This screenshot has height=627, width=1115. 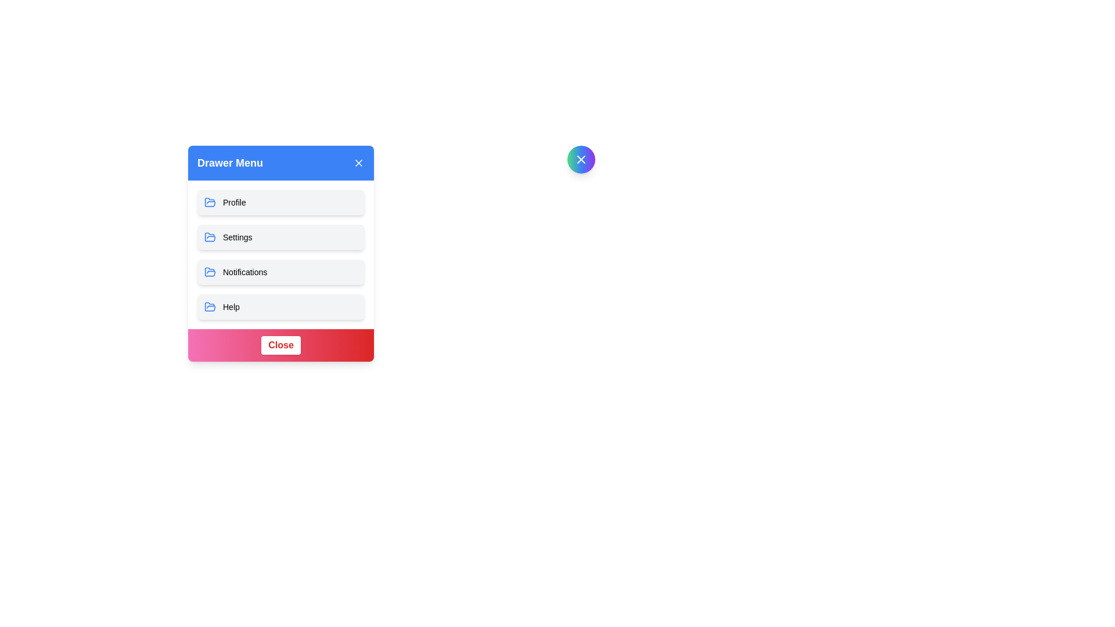 I want to click on the 'Profile' menu item by clicking on the icon located to the left of the text 'Profile' in the first list item of the drawer menu, so click(x=210, y=201).